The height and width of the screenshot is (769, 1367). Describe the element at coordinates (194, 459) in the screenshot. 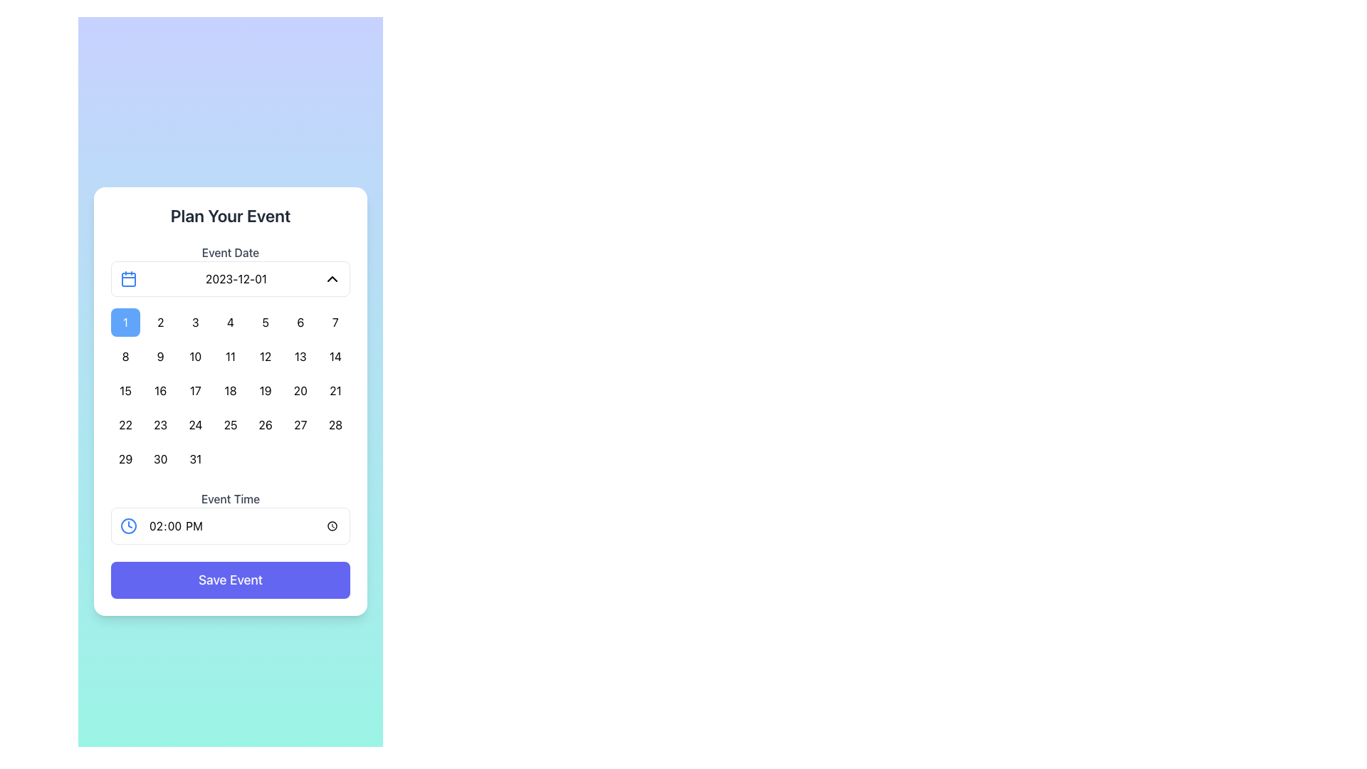

I see `the button displaying the number '31' located in the bottom-right corner of the calendar grid` at that location.